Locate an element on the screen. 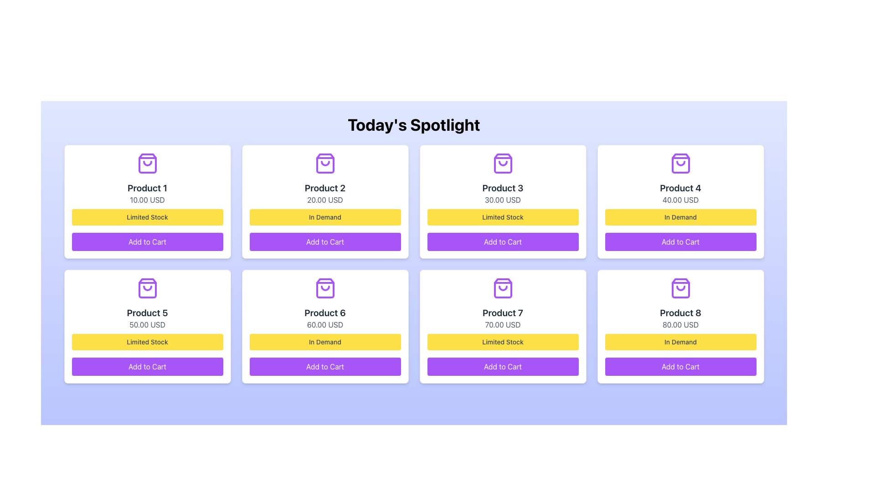 The image size is (875, 492). the prominent purple rectangular button labeled 'Add to Cart' at the bottom of the product card for 'Product 5 50.00 USD Limited Stock' is located at coordinates (147, 366).